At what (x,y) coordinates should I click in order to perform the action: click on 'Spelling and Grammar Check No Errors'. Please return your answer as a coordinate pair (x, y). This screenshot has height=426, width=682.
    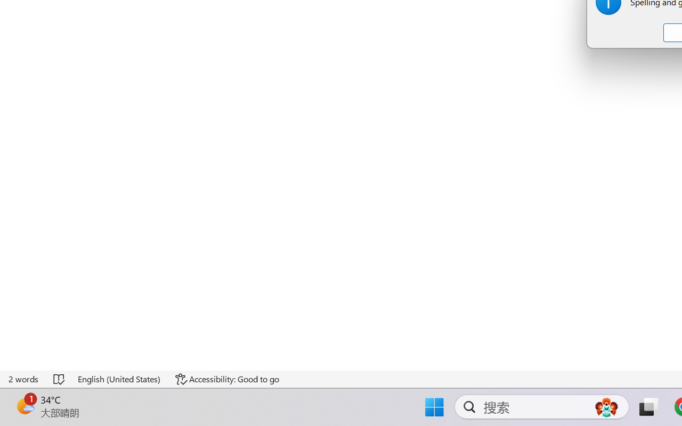
    Looking at the image, I should click on (59, 379).